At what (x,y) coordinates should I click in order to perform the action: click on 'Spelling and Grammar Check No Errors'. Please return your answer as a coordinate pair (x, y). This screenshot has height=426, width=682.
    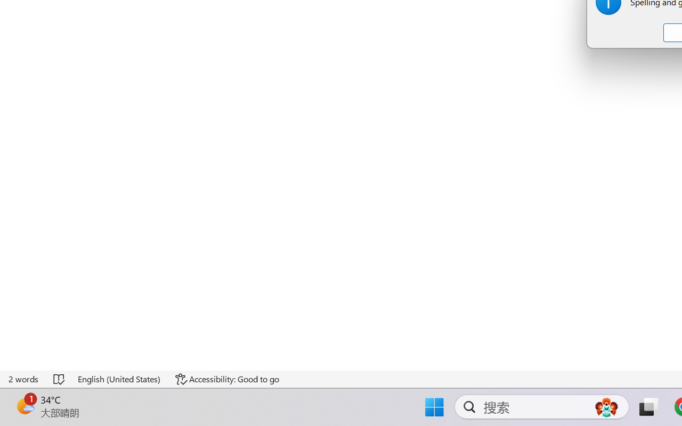
    Looking at the image, I should click on (59, 379).